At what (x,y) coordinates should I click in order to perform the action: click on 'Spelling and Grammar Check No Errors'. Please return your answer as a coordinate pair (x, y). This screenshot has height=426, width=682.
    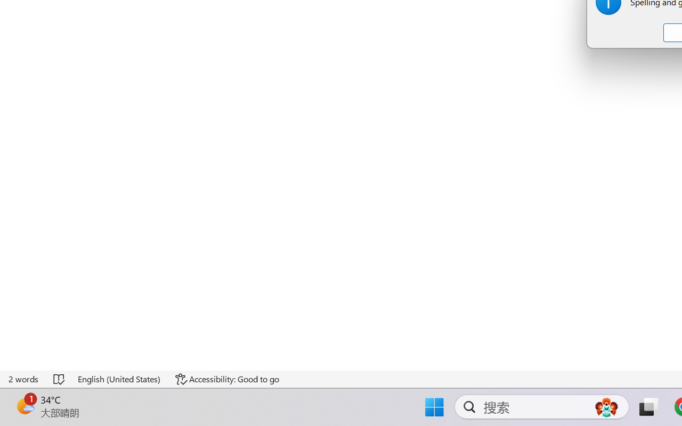
    Looking at the image, I should click on (59, 379).